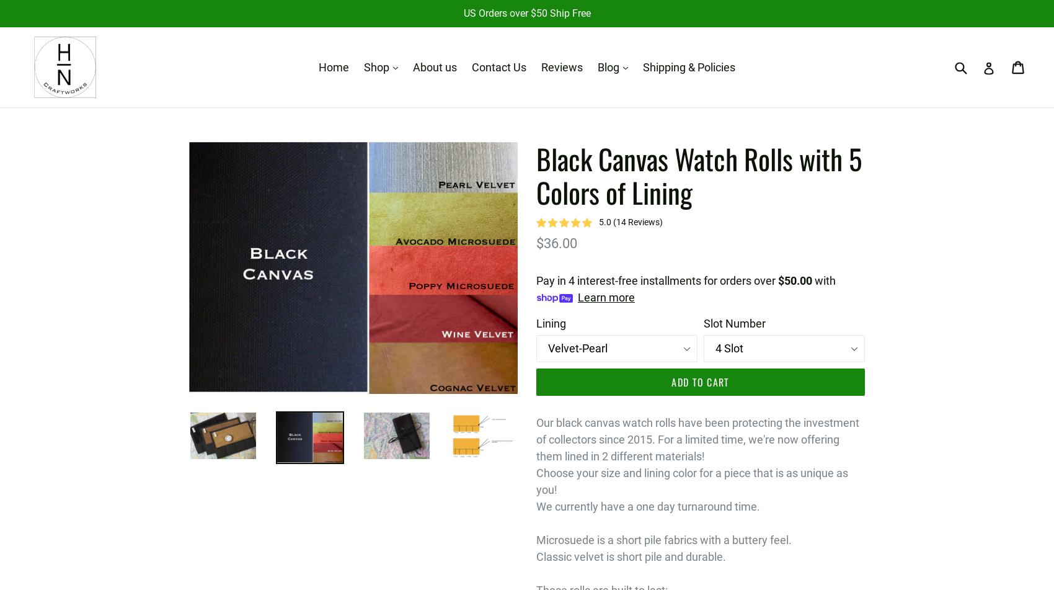 Image resolution: width=1054 pixels, height=590 pixels. Describe the element at coordinates (647, 506) in the screenshot. I see `'We currently have a one day turnaround time.'` at that location.